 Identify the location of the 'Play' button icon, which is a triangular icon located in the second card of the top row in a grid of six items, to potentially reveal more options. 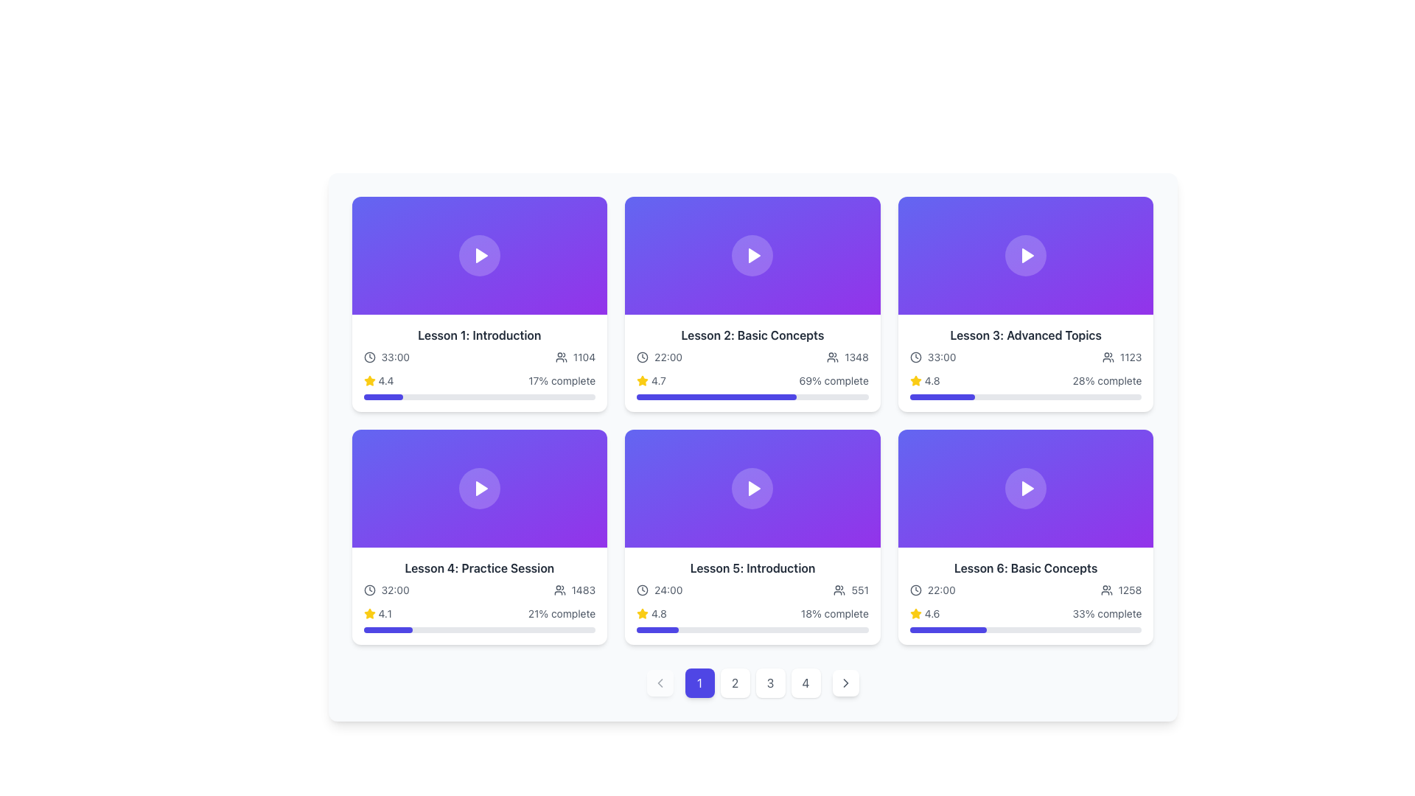
(754, 255).